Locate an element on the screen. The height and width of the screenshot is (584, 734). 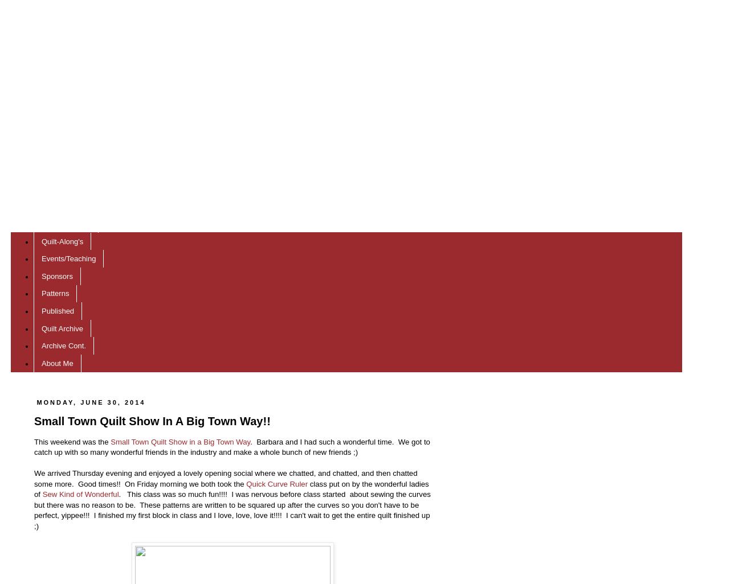
'Patterns' is located at coordinates (55, 293).